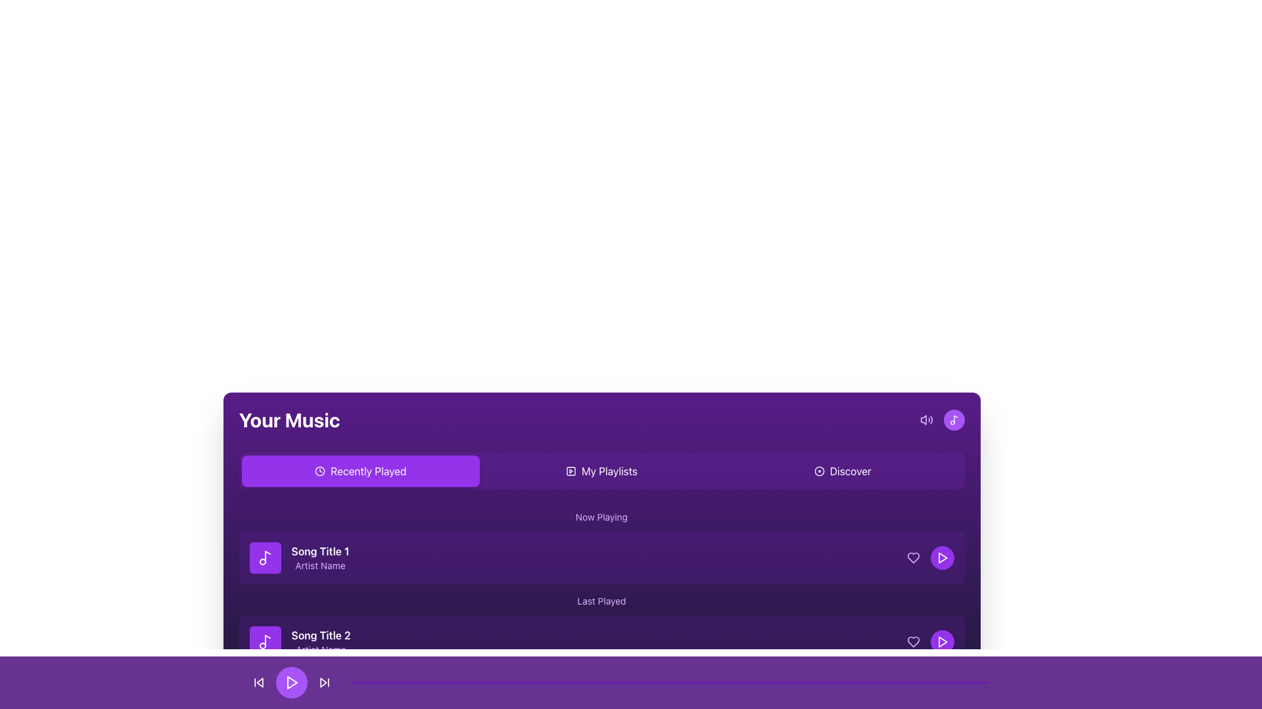 Image resolution: width=1262 pixels, height=709 pixels. I want to click on the music-related icon located in the top-right corner of the application header, which is part of a circular background and aligned with other functional icons, so click(954, 420).